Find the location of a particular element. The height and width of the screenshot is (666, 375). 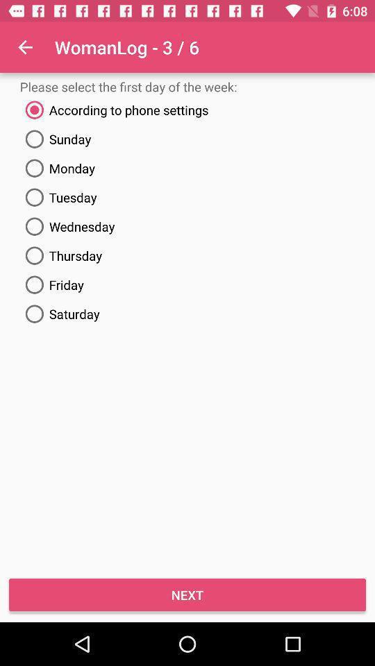

monday item is located at coordinates (187, 167).